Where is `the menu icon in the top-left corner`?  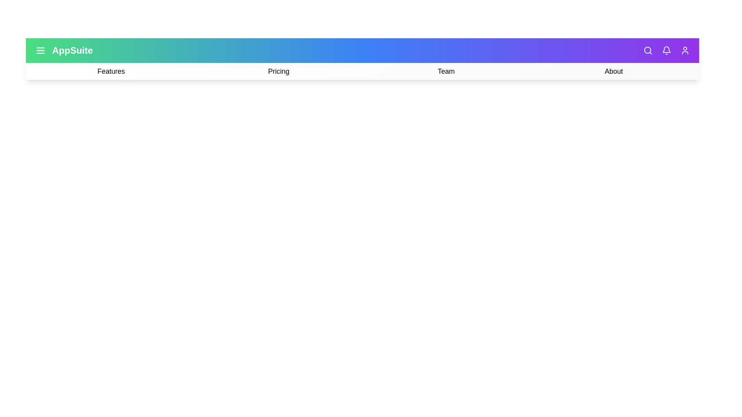
the menu icon in the top-left corner is located at coordinates (40, 51).